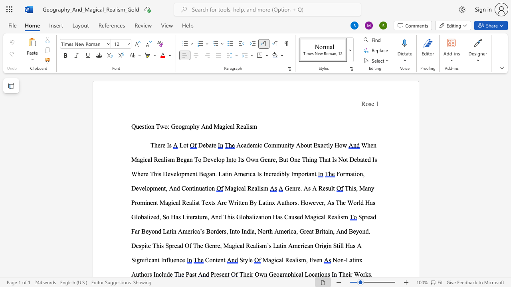 The height and width of the screenshot is (287, 511). What do you see at coordinates (334, 231) in the screenshot?
I see `the 4th character "," in the text` at bounding box center [334, 231].